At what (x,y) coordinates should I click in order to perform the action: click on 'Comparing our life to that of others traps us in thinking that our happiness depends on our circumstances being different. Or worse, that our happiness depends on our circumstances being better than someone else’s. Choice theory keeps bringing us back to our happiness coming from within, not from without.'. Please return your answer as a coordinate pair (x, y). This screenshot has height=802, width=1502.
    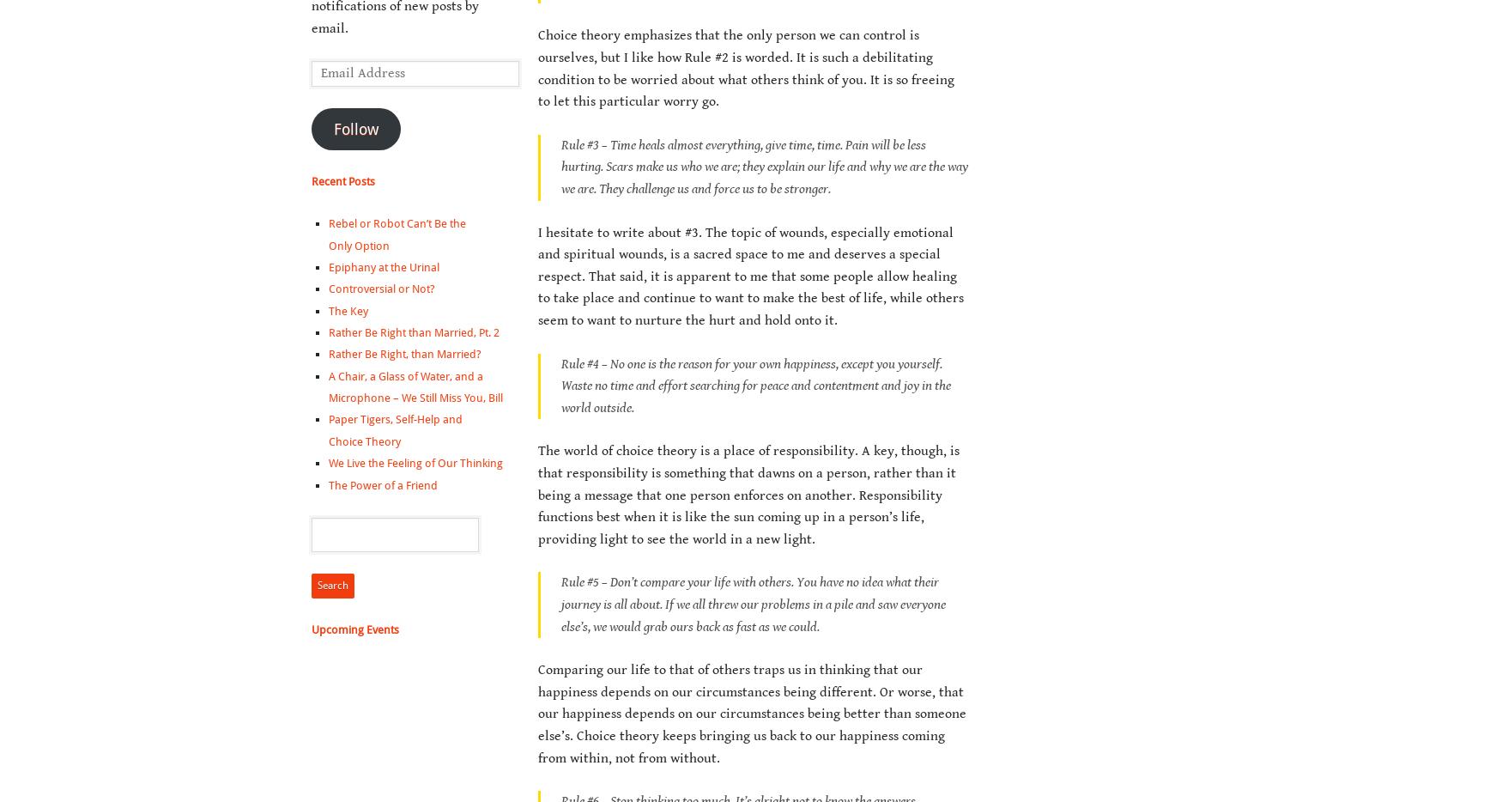
    Looking at the image, I should click on (751, 714).